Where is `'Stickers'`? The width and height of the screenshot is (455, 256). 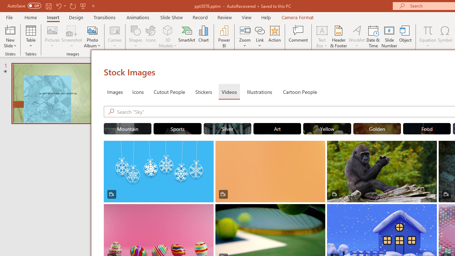 'Stickers' is located at coordinates (203, 91).